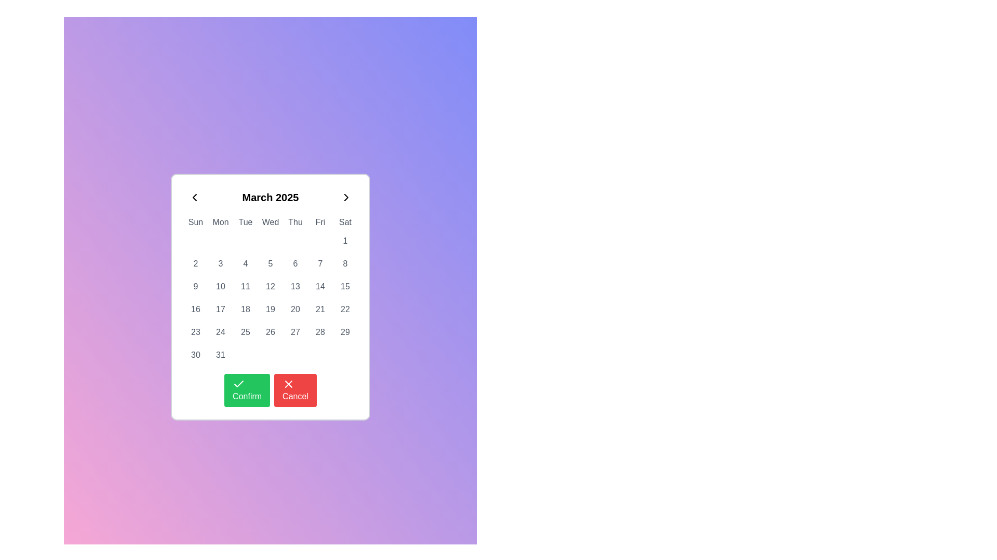 This screenshot has width=997, height=560. Describe the element at coordinates (220, 263) in the screenshot. I see `the clickable calendar date indicator displaying the number '3' located in the second row and third column of the calendar grid` at that location.